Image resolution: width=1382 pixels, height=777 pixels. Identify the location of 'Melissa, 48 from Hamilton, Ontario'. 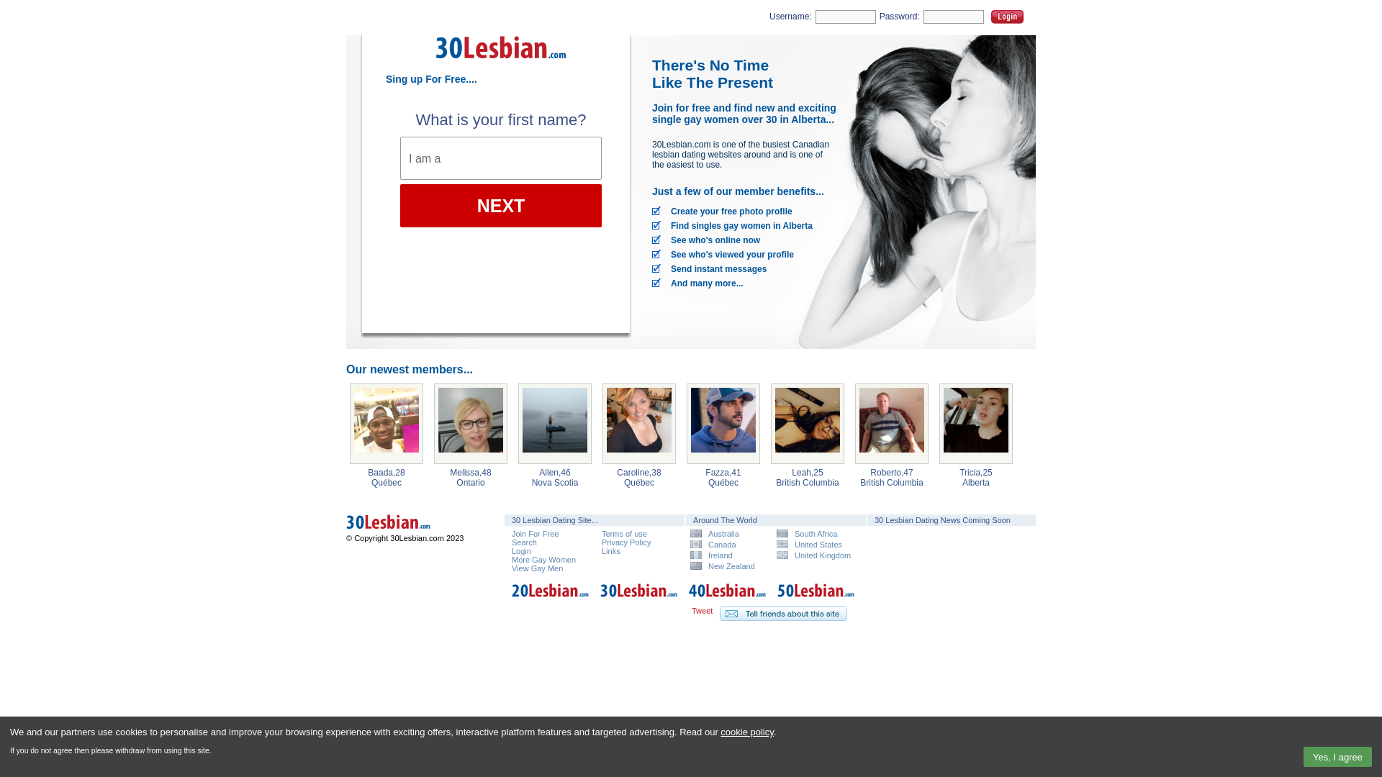
(470, 423).